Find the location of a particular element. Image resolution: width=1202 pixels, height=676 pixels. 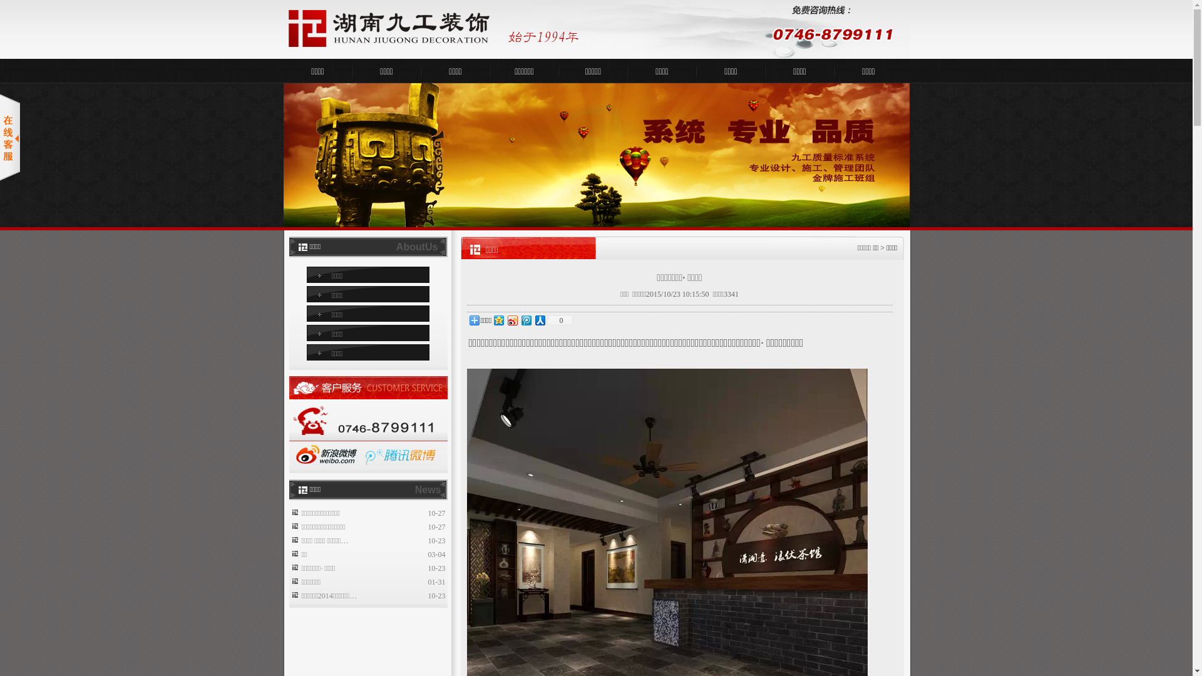

'0' is located at coordinates (558, 320).